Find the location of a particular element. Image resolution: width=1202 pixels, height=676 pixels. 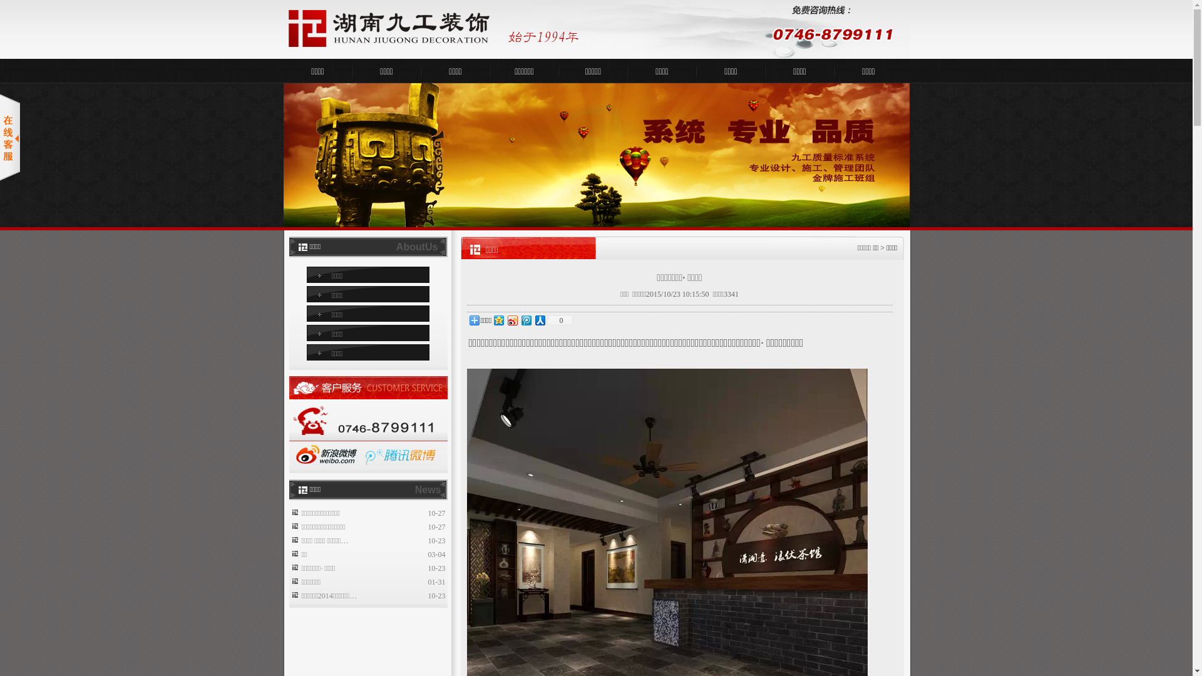

'0' is located at coordinates (558, 320).